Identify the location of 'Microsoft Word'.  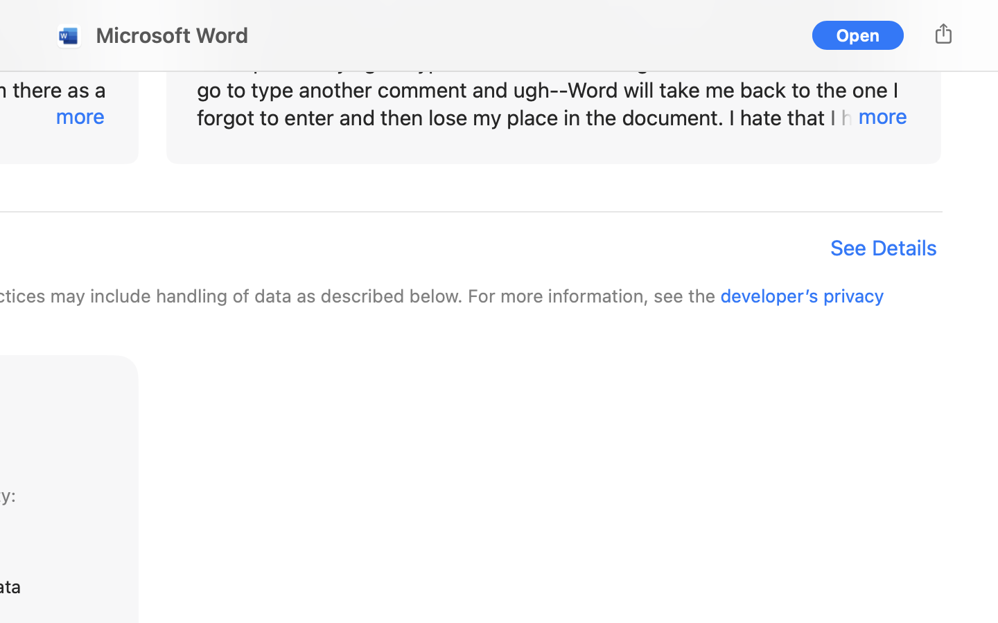
(171, 35).